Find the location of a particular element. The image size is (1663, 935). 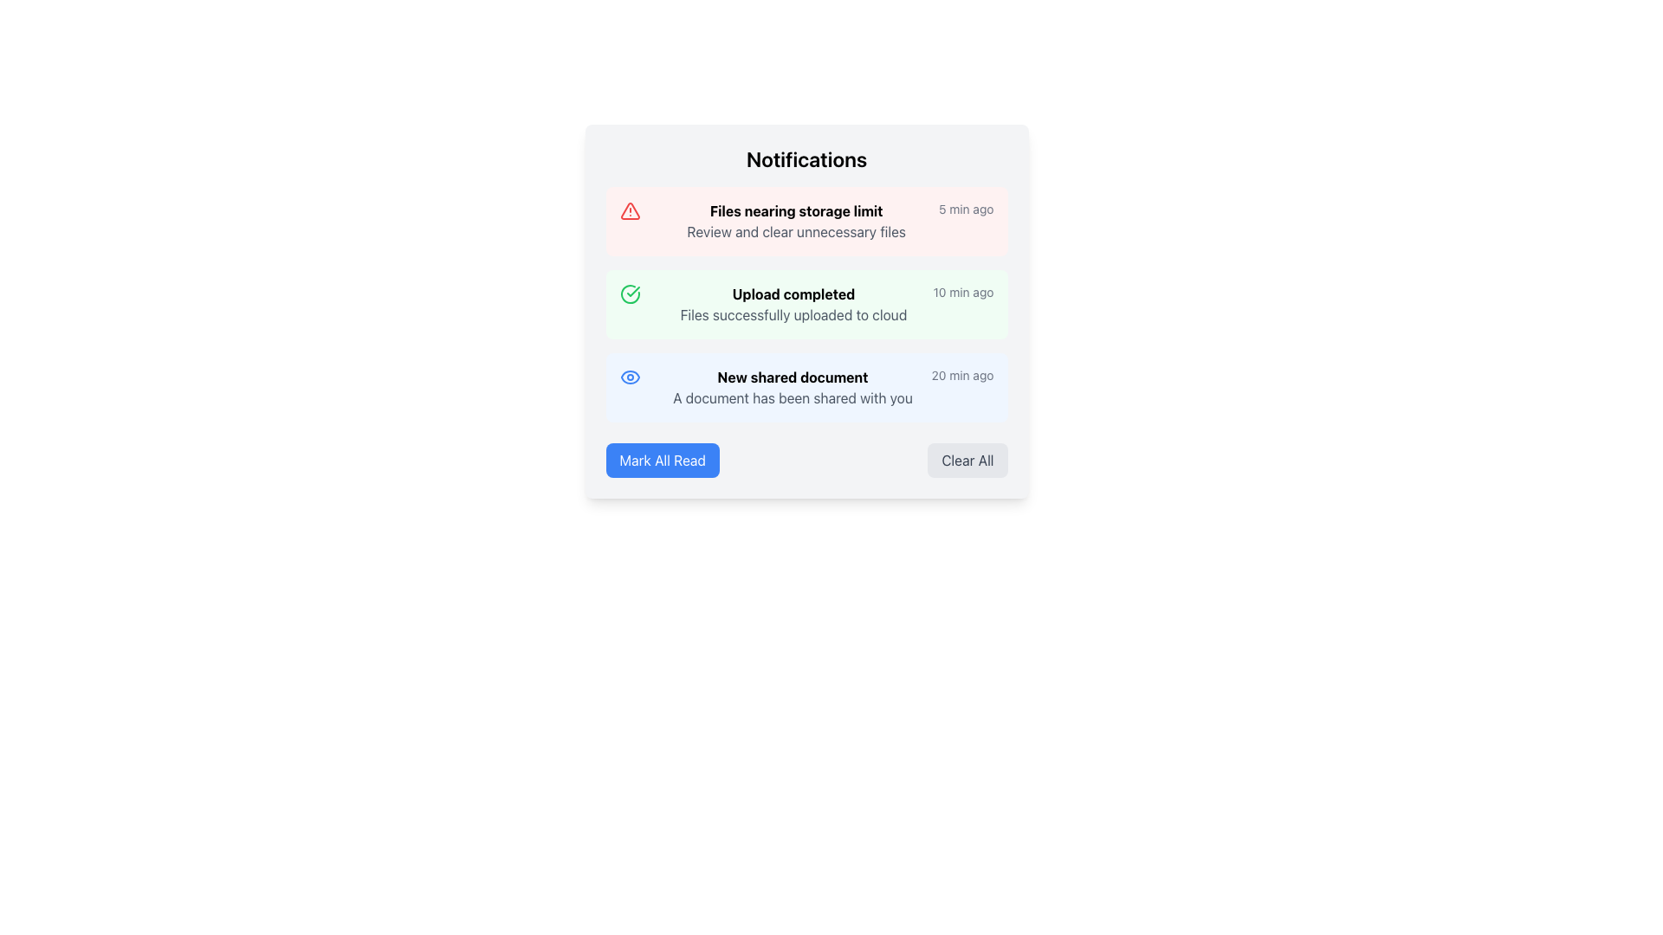

the blue outlined eye icon located in the left section of the 'New shared document' notification box is located at coordinates (629, 376).